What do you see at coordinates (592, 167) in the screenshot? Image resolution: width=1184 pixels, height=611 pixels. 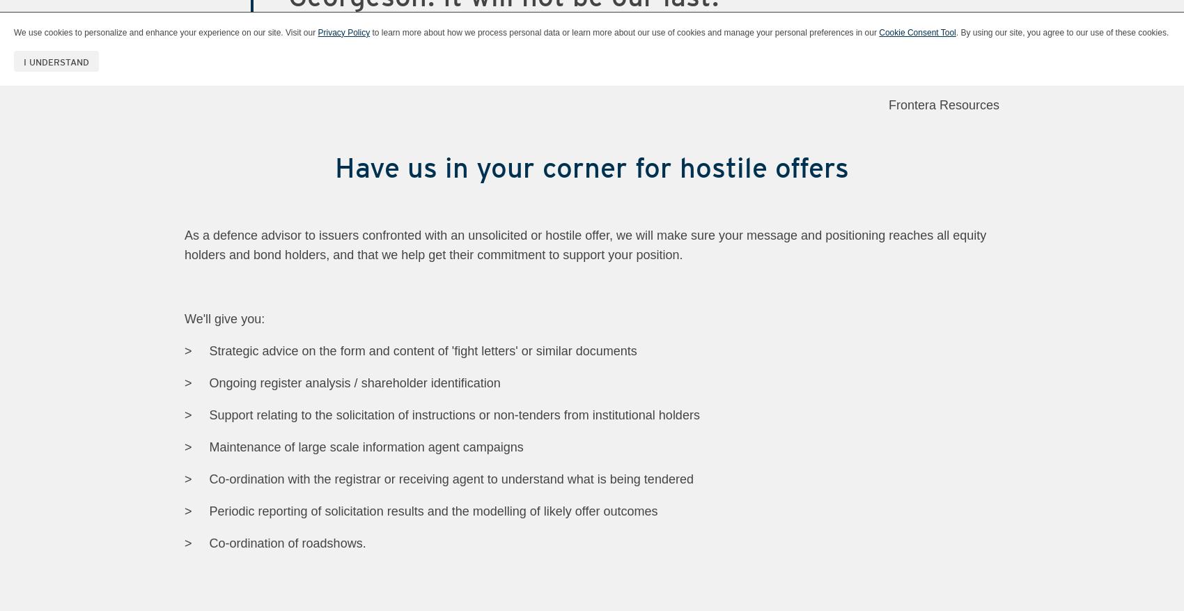 I see `'Have us in your corner for hostile offers'` at bounding box center [592, 167].